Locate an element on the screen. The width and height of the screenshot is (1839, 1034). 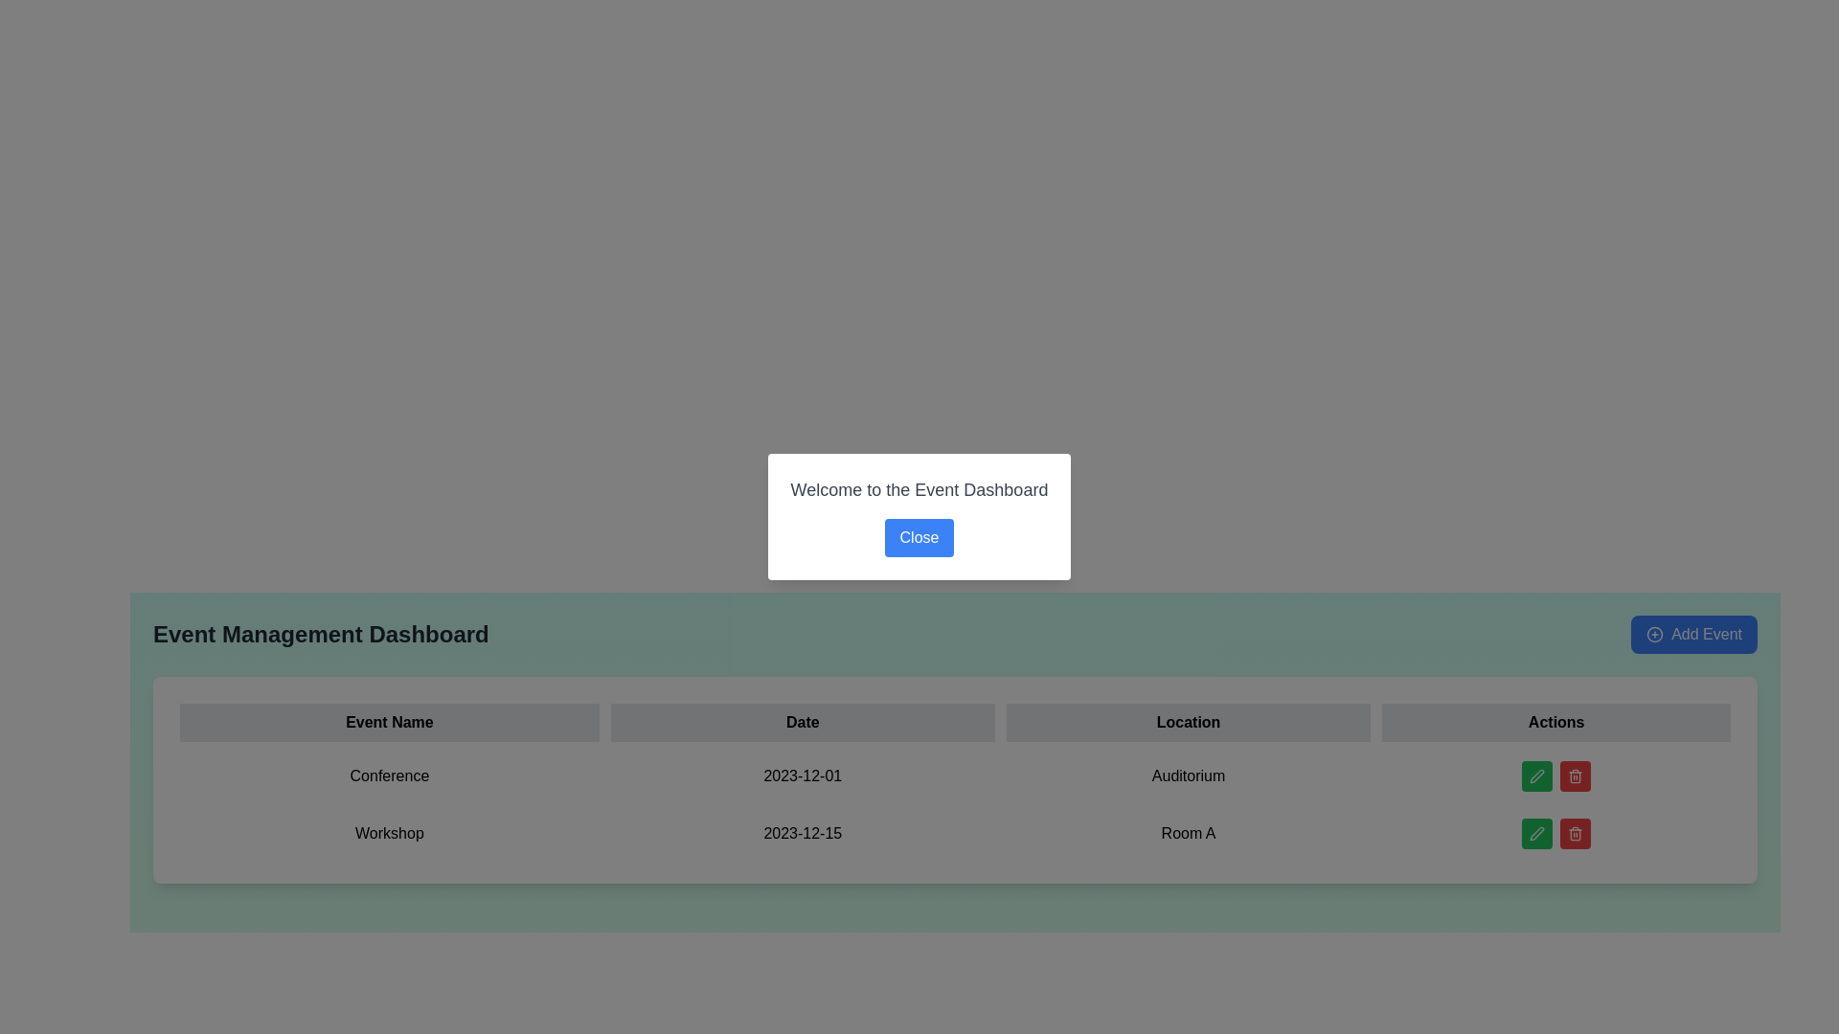
the small, rounded red button with a white trash can icon located on the rightmost side of the Actions column to observe the hover effect is located at coordinates (1576, 775).